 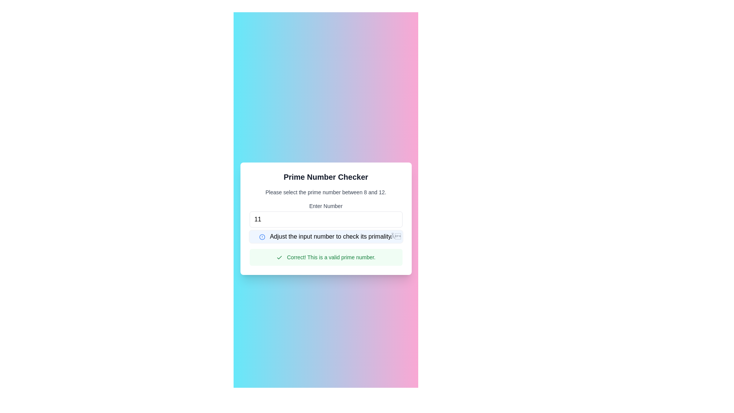 What do you see at coordinates (326, 218) in the screenshot?
I see `the input field labeled 'Enter Number' in the 'Prime Number Checker' modal to enter a number between 8 and 12` at bounding box center [326, 218].